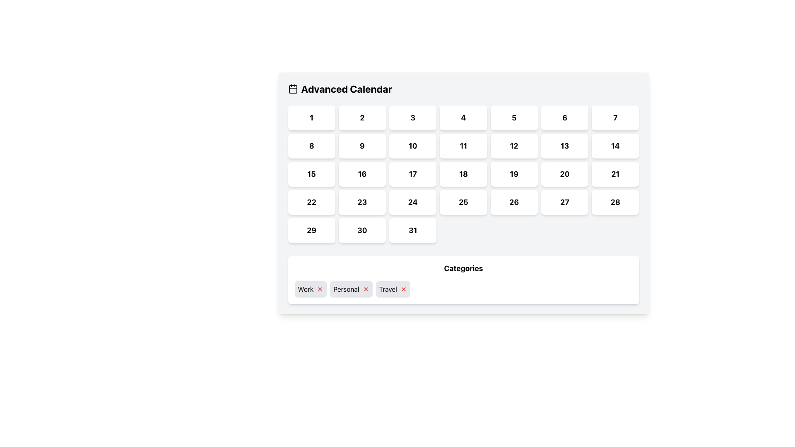 This screenshot has width=795, height=447. I want to click on the interactive calendar day cell button representing the date '10' in the Advanced Calendar interface, so click(413, 146).